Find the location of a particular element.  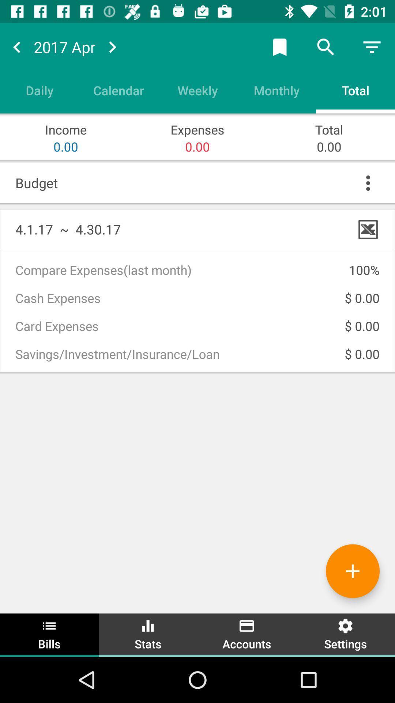

item to the left of calendar is located at coordinates (39, 90).